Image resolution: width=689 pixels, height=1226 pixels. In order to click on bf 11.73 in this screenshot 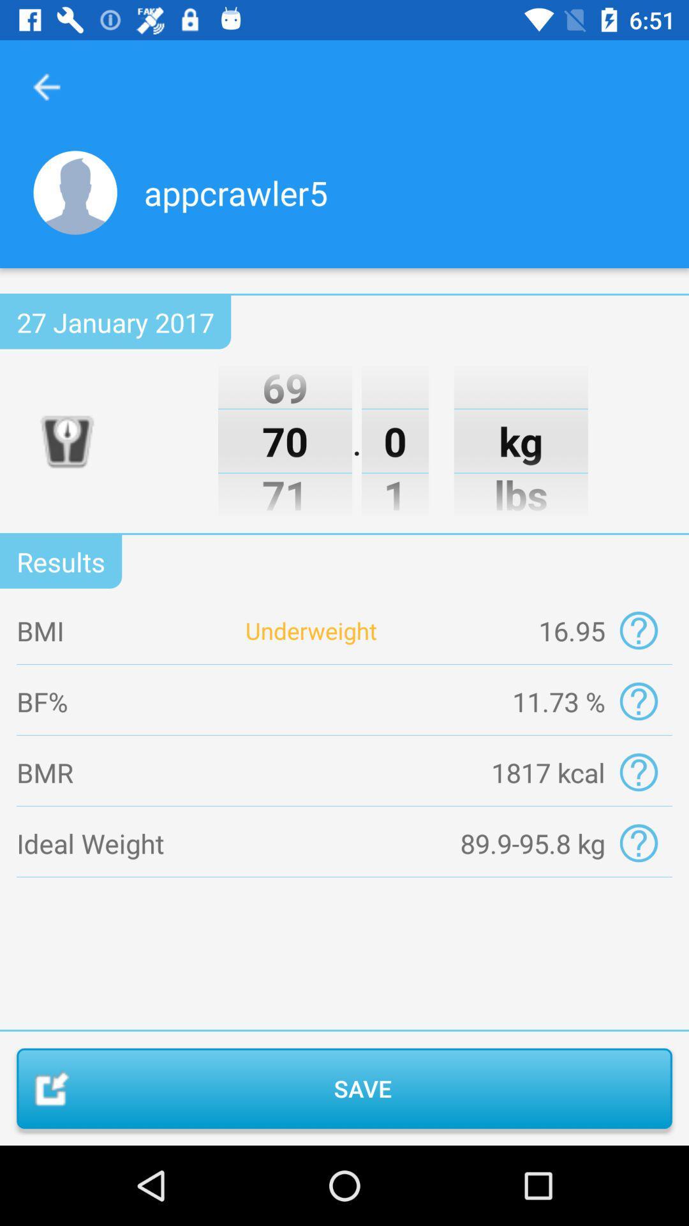, I will do `click(639, 700)`.